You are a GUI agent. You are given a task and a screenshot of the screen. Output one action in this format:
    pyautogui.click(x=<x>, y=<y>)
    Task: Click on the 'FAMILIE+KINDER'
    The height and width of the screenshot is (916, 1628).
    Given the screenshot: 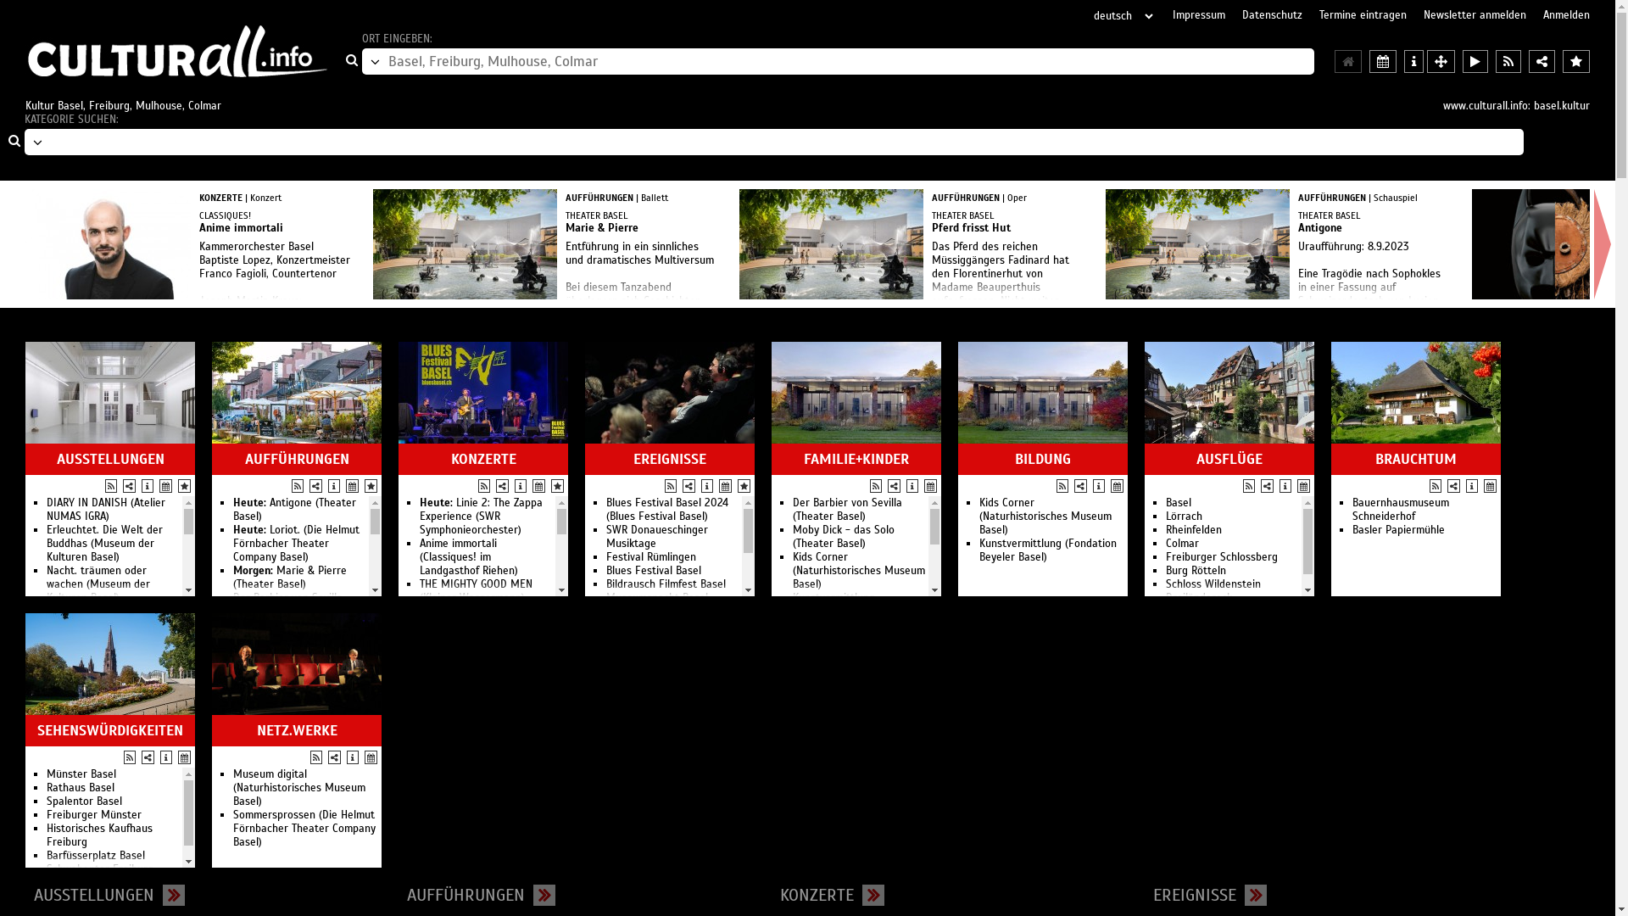 What is the action you would take?
    pyautogui.click(x=775, y=459)
    